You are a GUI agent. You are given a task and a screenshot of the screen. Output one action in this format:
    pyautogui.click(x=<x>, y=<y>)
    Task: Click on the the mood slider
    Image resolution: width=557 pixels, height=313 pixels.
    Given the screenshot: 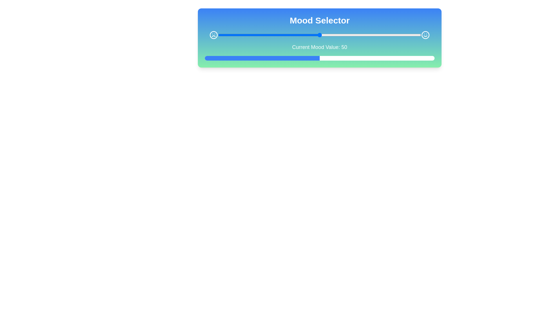 What is the action you would take?
    pyautogui.click(x=218, y=35)
    